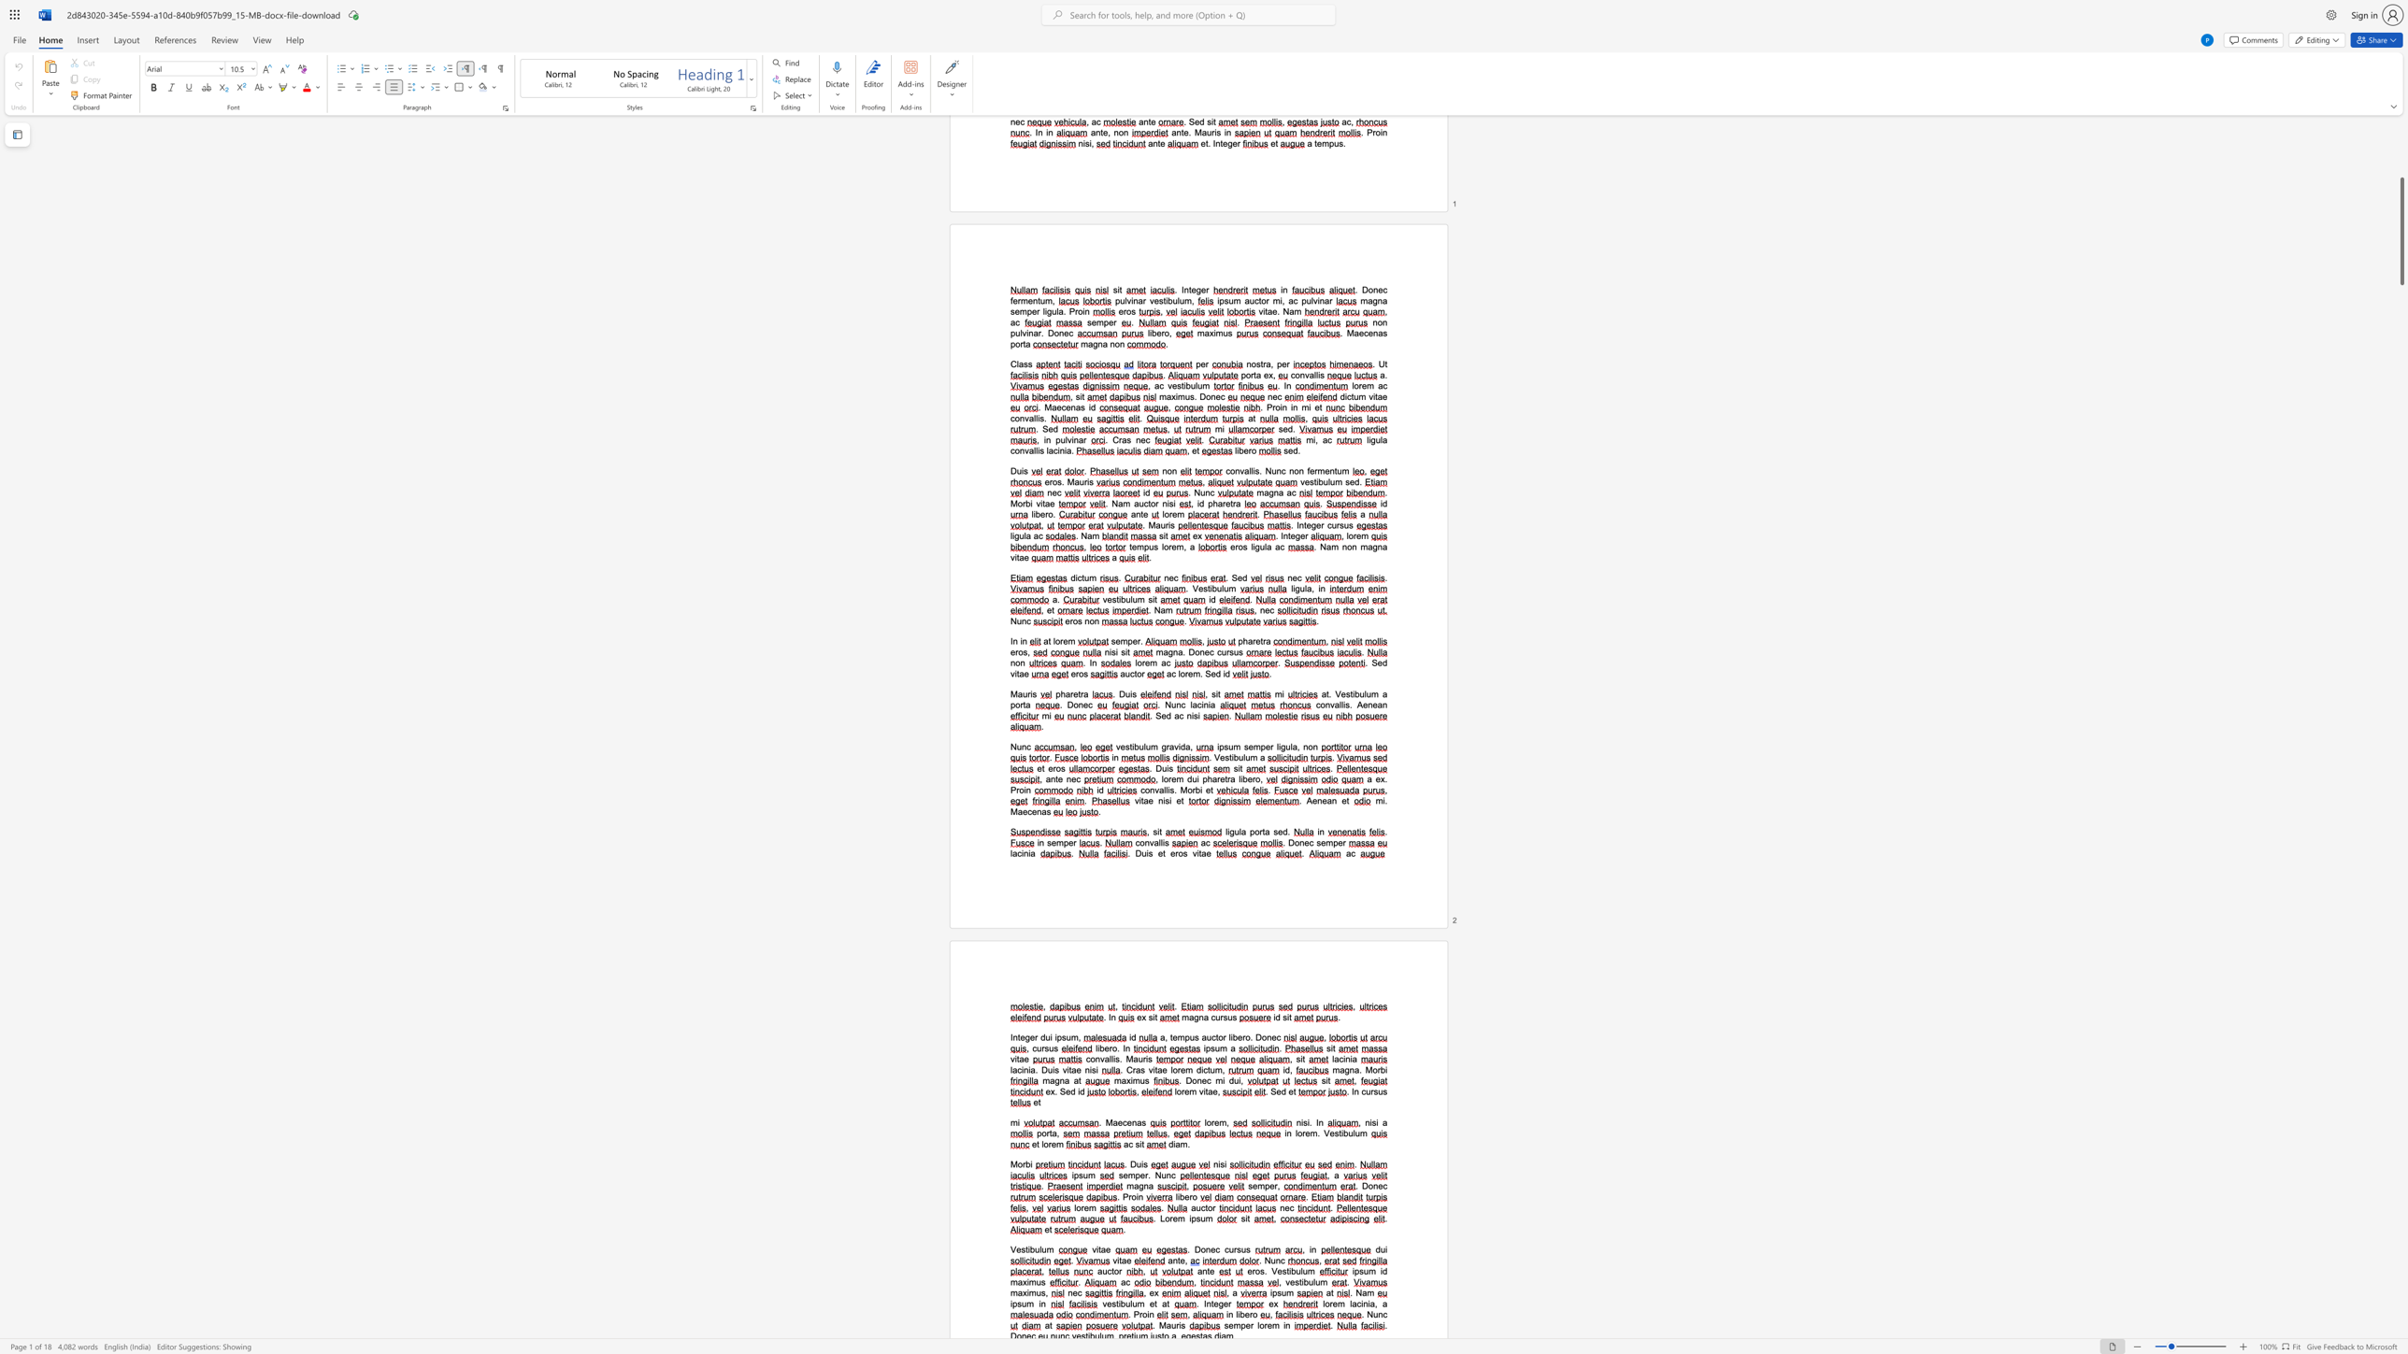 This screenshot has width=2408, height=1354. Describe the element at coordinates (1253, 1313) in the screenshot. I see `the space between the continuous character "r" and "o" in the text` at that location.